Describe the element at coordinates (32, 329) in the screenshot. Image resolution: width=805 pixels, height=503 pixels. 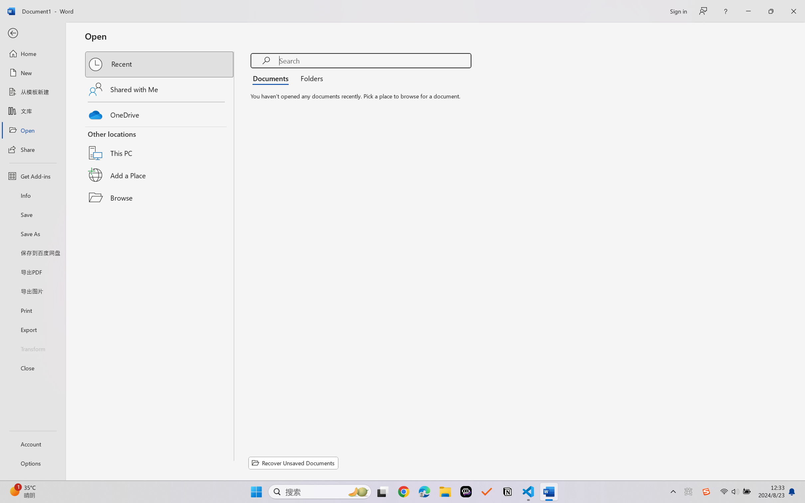
I see `'Export'` at that location.